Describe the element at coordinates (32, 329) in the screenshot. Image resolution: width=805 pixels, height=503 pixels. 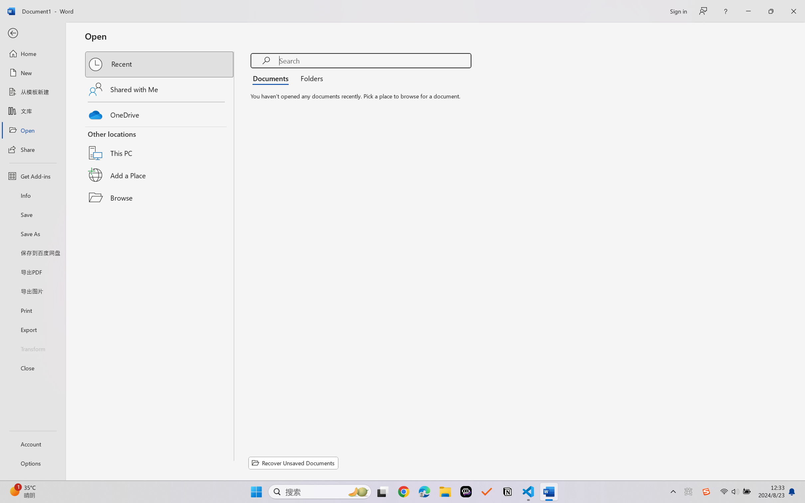
I see `'Export'` at that location.